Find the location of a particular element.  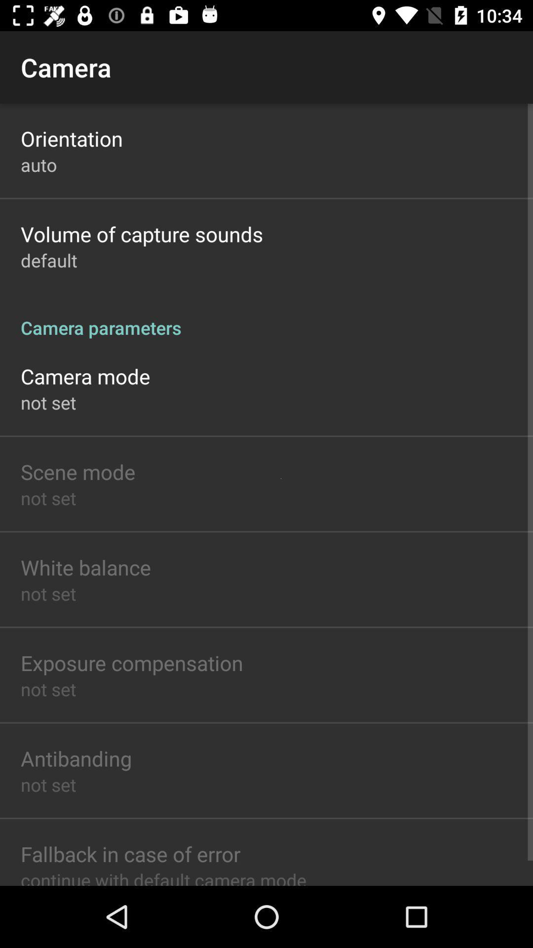

app above the default item is located at coordinates (142, 234).